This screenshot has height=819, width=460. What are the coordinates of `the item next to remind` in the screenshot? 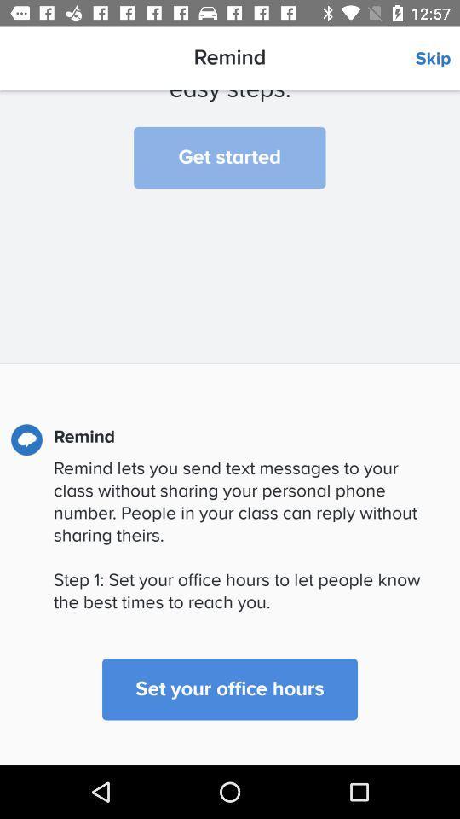 It's located at (437, 59).